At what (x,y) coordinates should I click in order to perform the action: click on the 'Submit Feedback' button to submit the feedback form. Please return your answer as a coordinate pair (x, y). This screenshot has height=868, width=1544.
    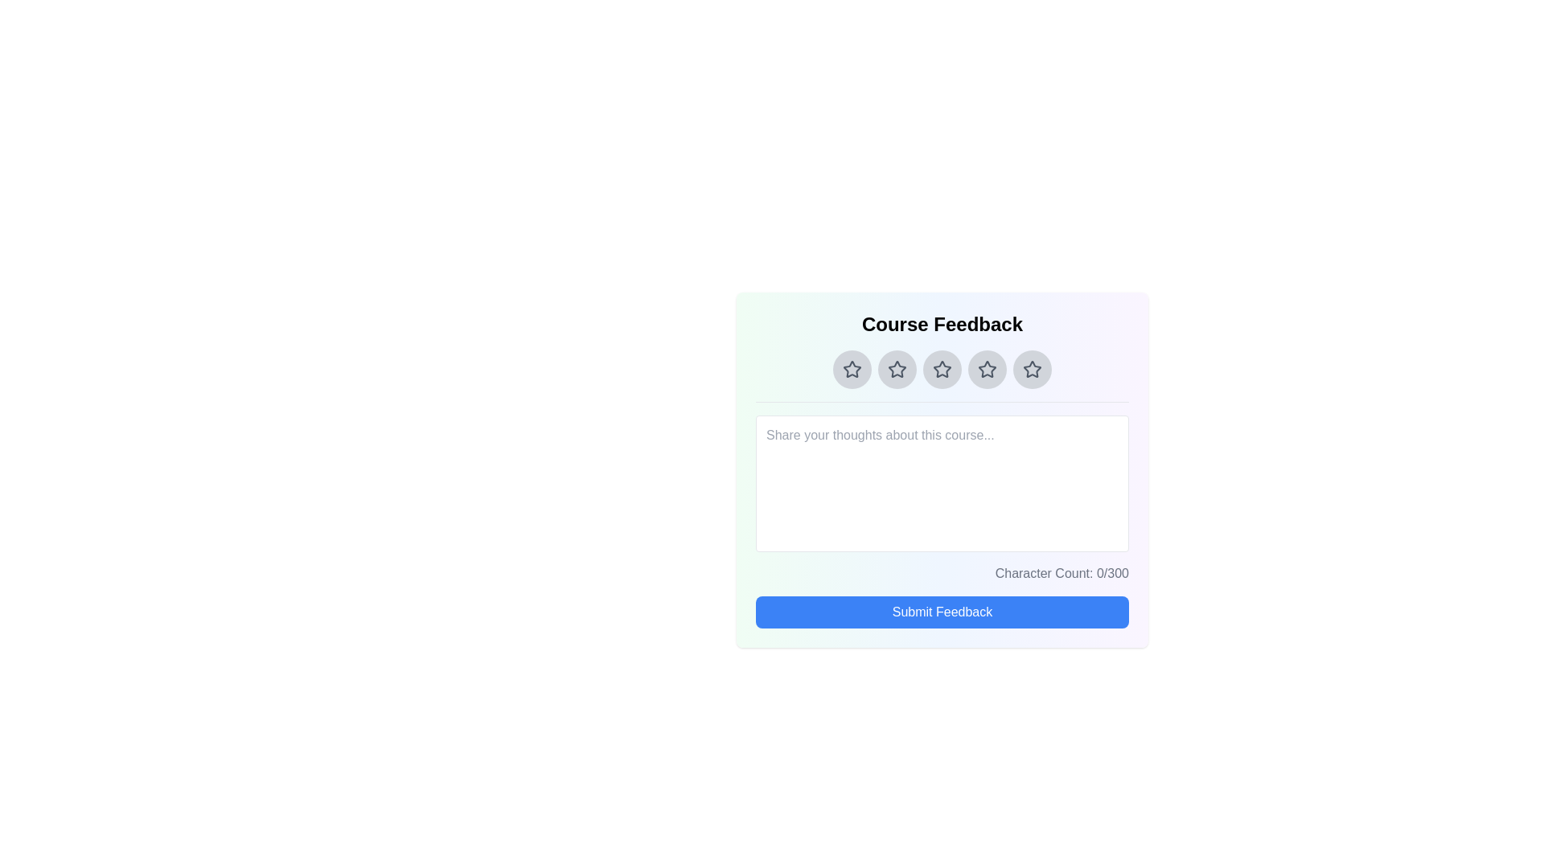
    Looking at the image, I should click on (942, 612).